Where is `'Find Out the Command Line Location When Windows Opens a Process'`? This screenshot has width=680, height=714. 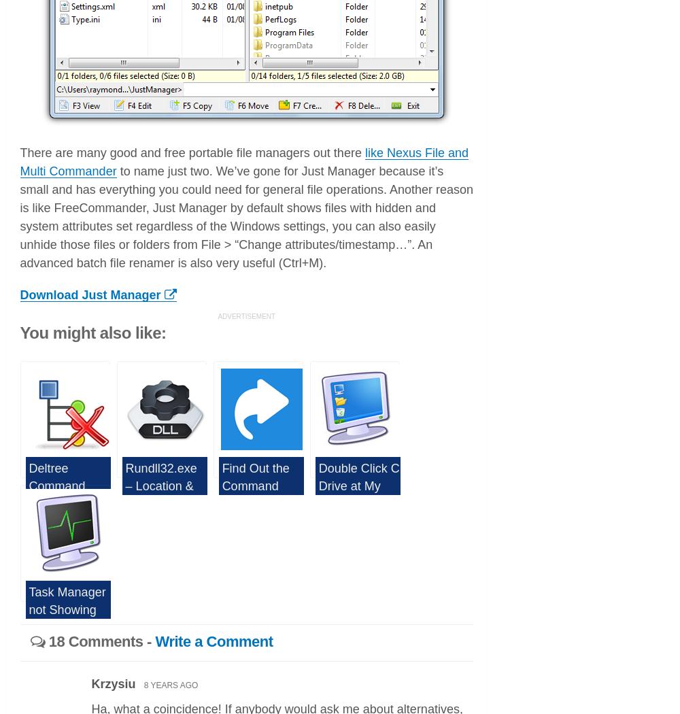 'Find Out the Command Line Location When Windows Opens a Process' is located at coordinates (221, 520).